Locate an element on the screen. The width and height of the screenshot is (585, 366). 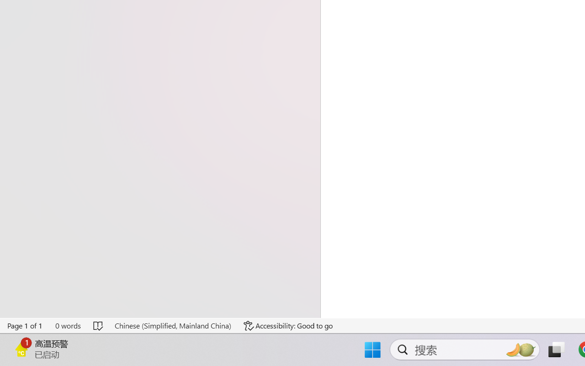
'Language Chinese (Simplified, Mainland China)' is located at coordinates (173, 325).